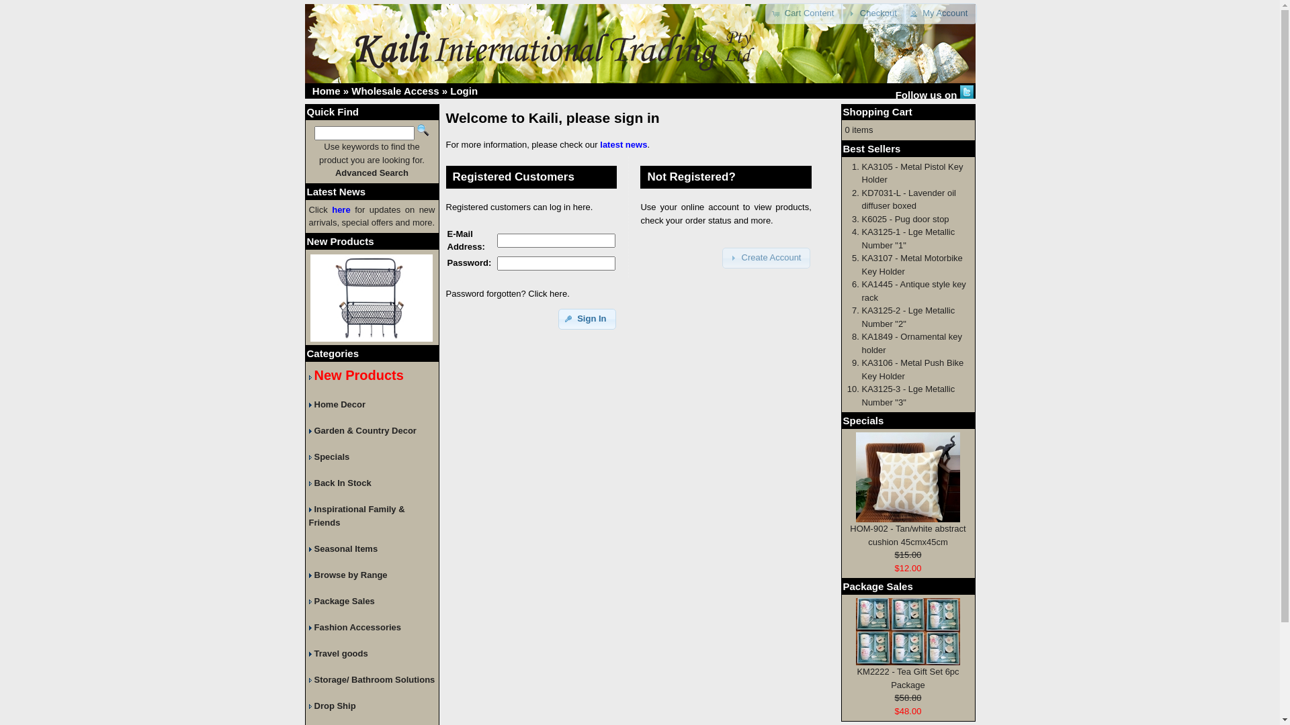  I want to click on 'Best Sellers', so click(871, 148).